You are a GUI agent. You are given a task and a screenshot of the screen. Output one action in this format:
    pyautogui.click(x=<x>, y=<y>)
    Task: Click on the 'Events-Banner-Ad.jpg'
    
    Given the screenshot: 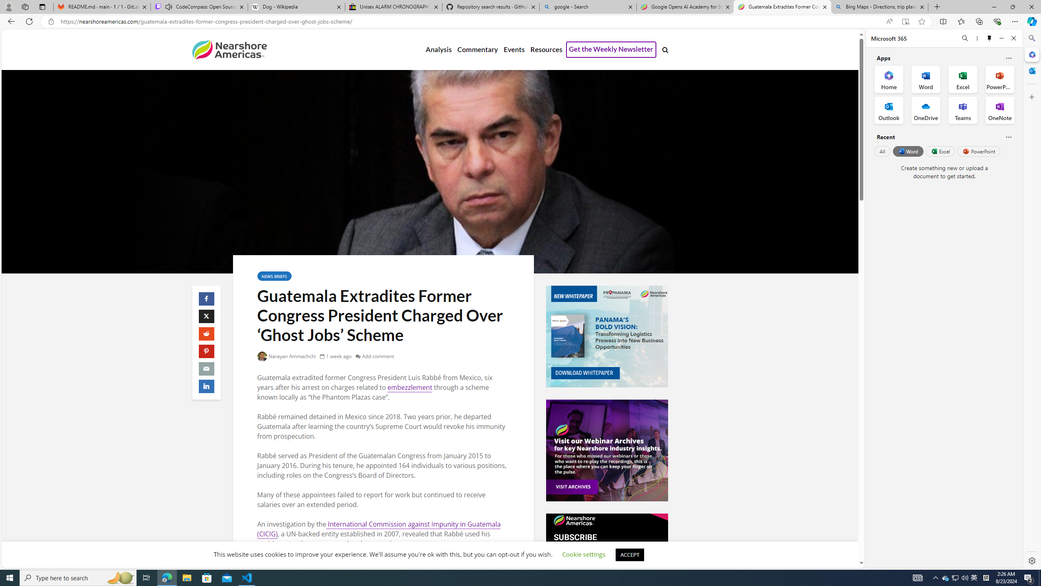 What is the action you would take?
    pyautogui.click(x=606, y=450)
    